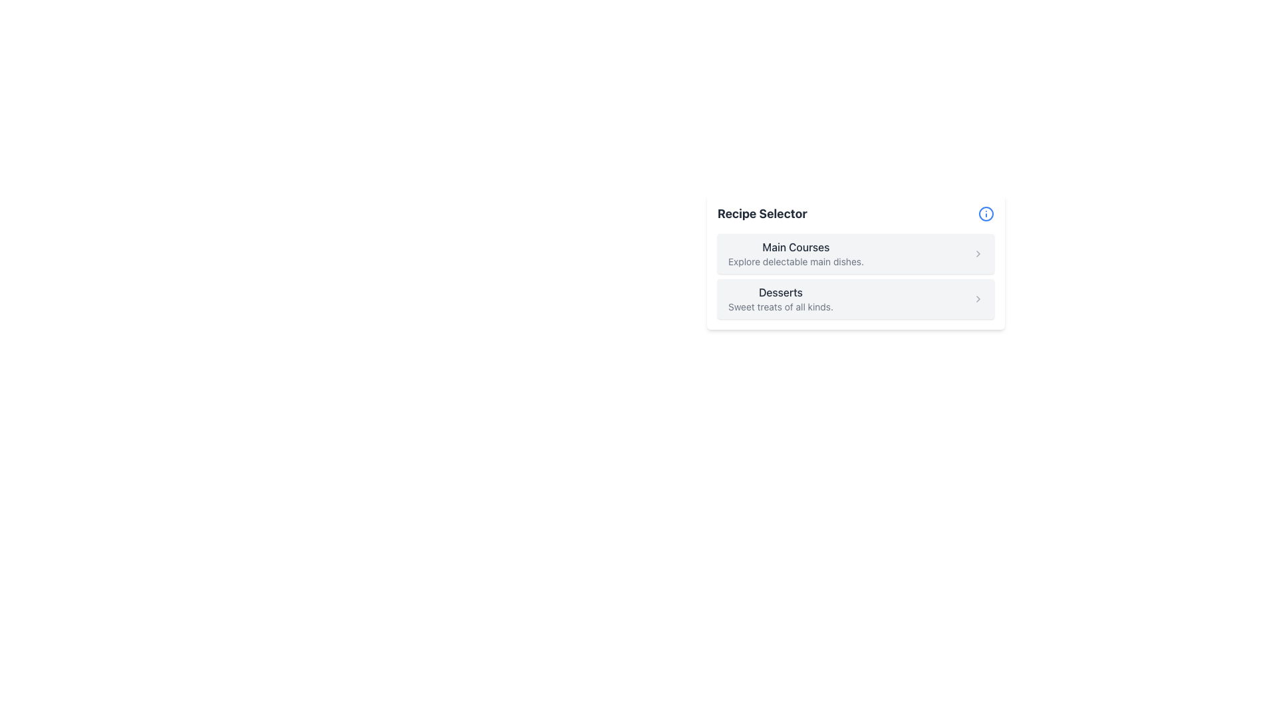  What do you see at coordinates (986, 213) in the screenshot?
I see `the circular vector graphics element with a blue border and white interior, part of the information icon in the top-right corner of the 'Recipe Selector' panel` at bounding box center [986, 213].